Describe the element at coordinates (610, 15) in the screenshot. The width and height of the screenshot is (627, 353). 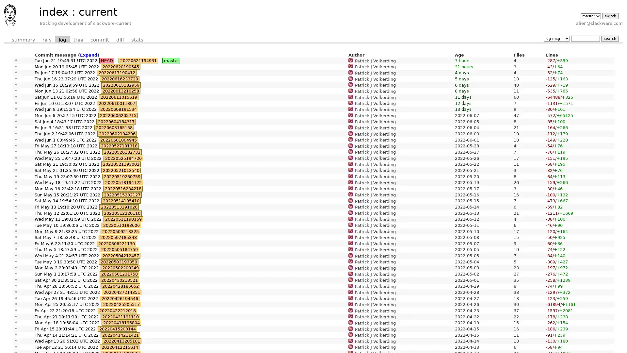
I see `switch` at that location.